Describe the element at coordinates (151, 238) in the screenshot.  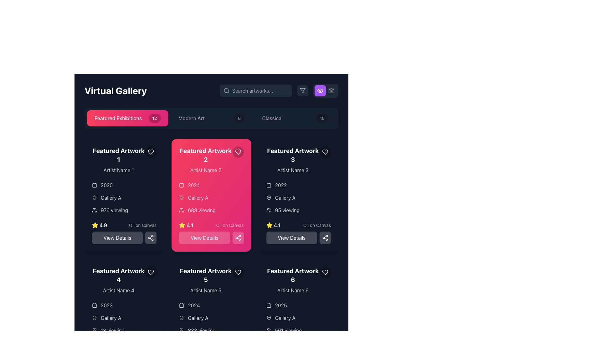
I see `the share icon button, which is represented by three connected circles with a white stroke on a dark background, located to the right of the 'View Details' button within the card labeled 'Featured Artwork 2'` at that location.